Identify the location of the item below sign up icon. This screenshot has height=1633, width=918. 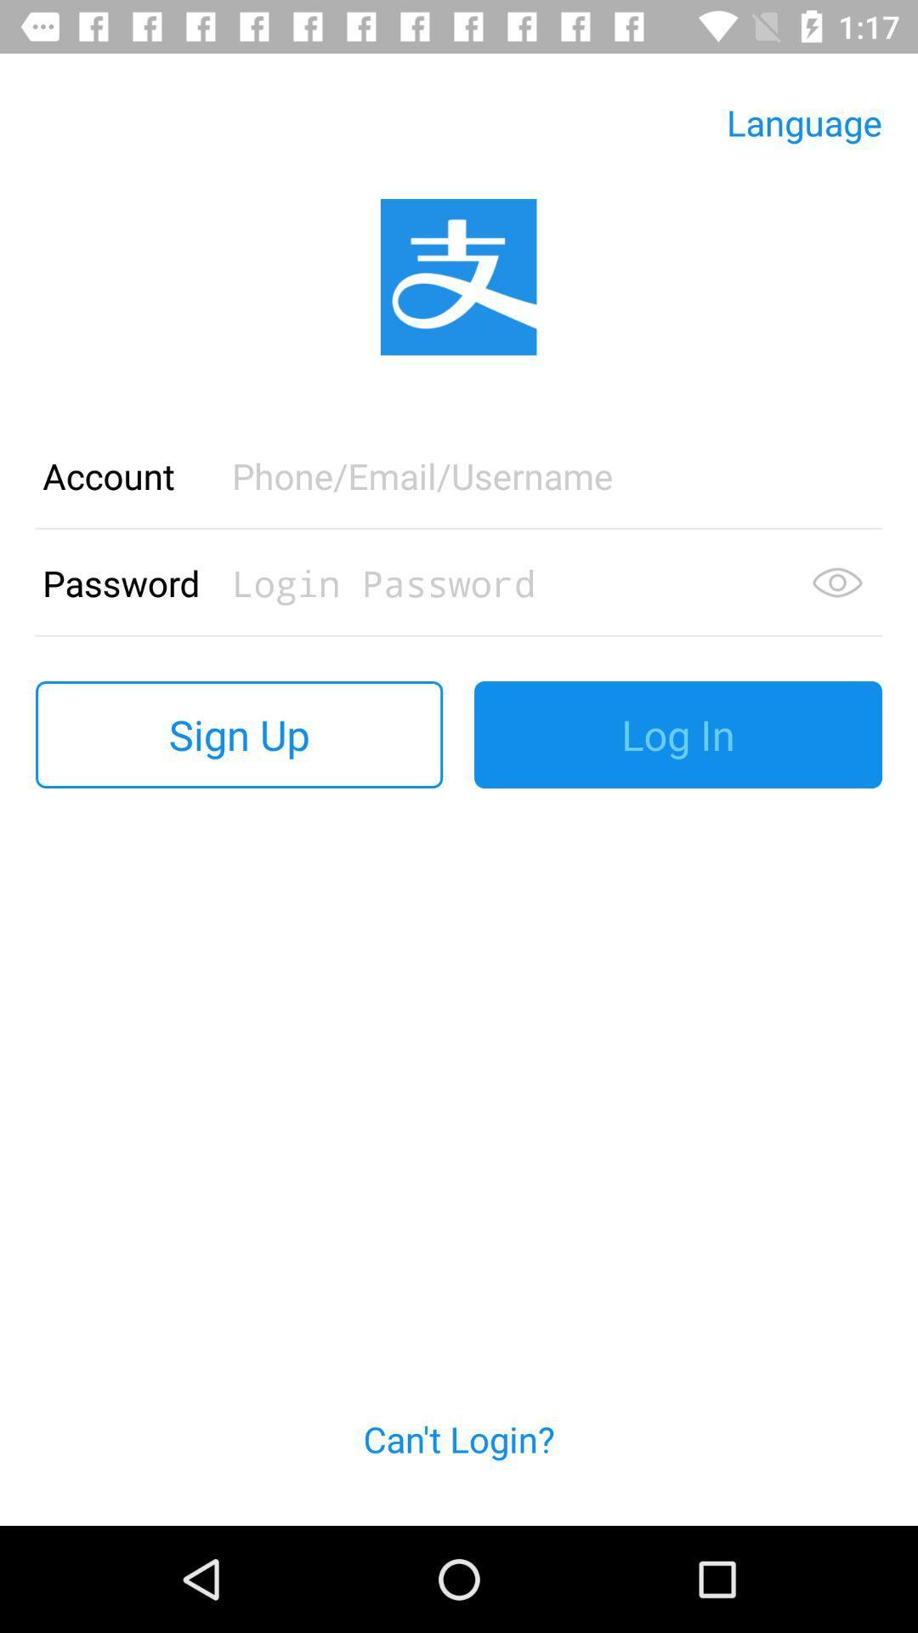
(459, 1458).